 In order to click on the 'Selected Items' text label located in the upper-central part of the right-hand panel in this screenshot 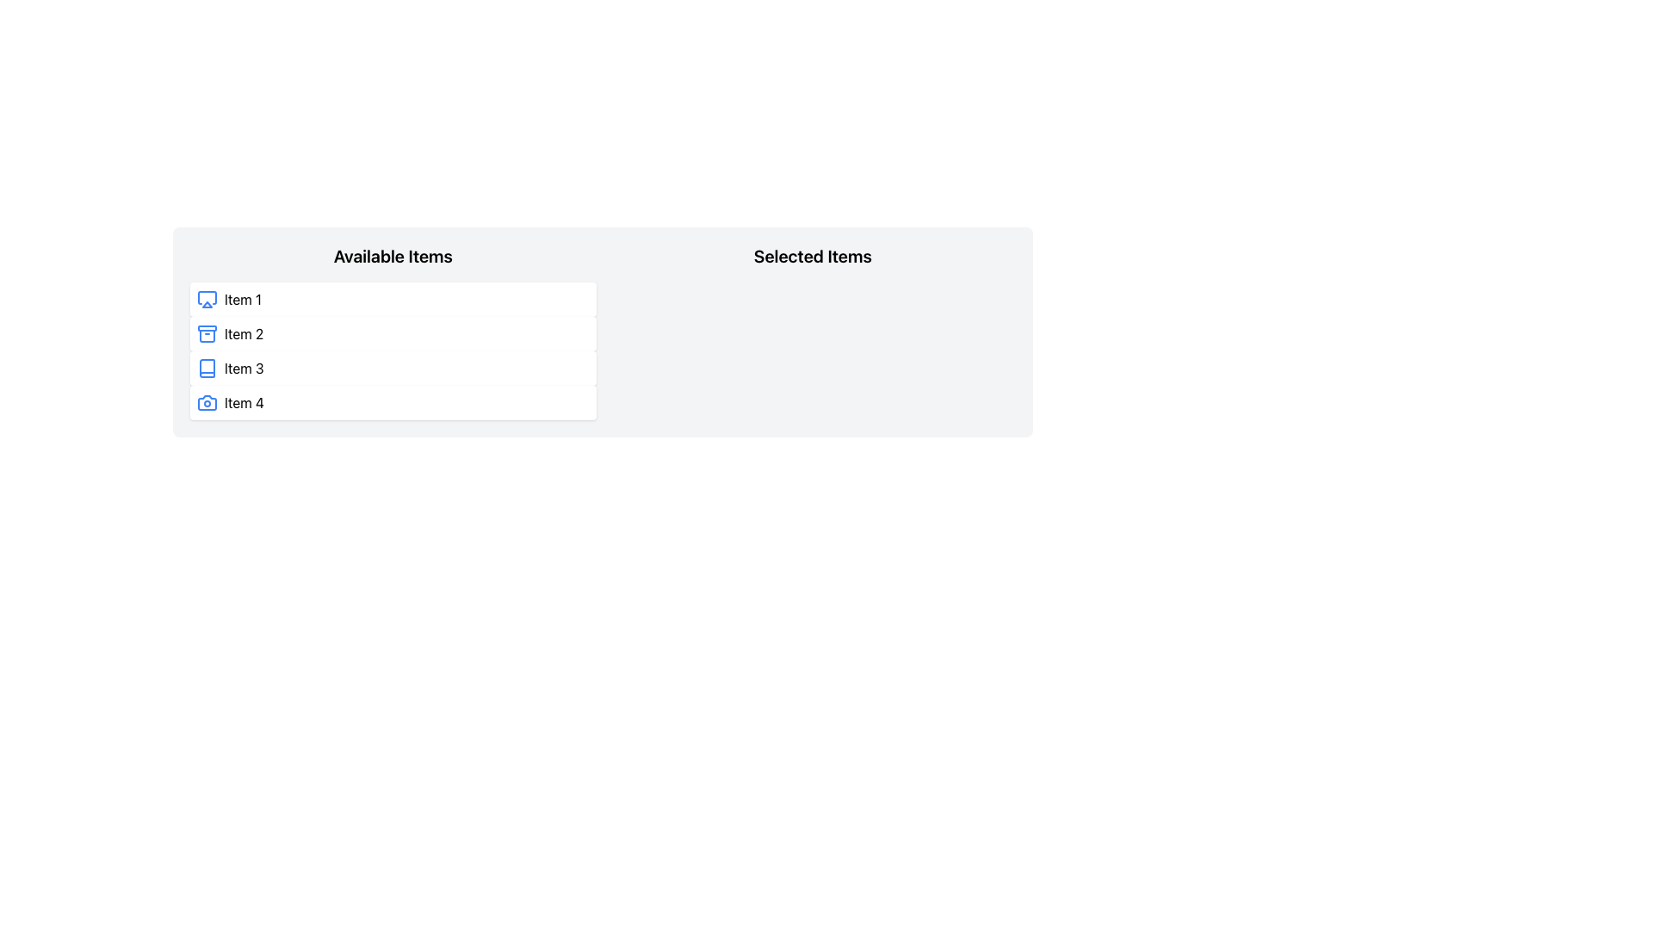, I will do `click(812, 256)`.